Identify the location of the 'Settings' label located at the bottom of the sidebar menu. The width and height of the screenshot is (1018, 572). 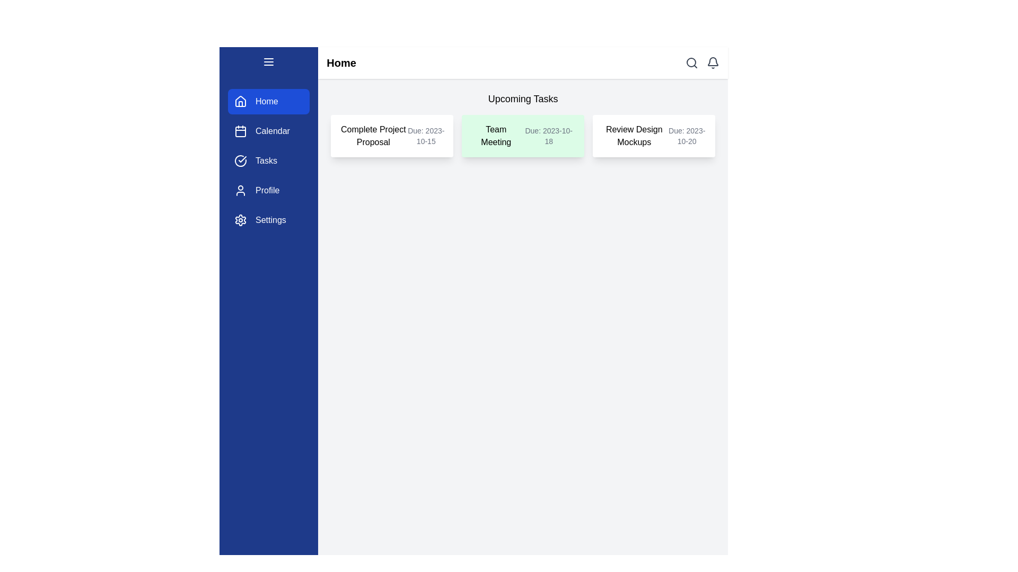
(270, 220).